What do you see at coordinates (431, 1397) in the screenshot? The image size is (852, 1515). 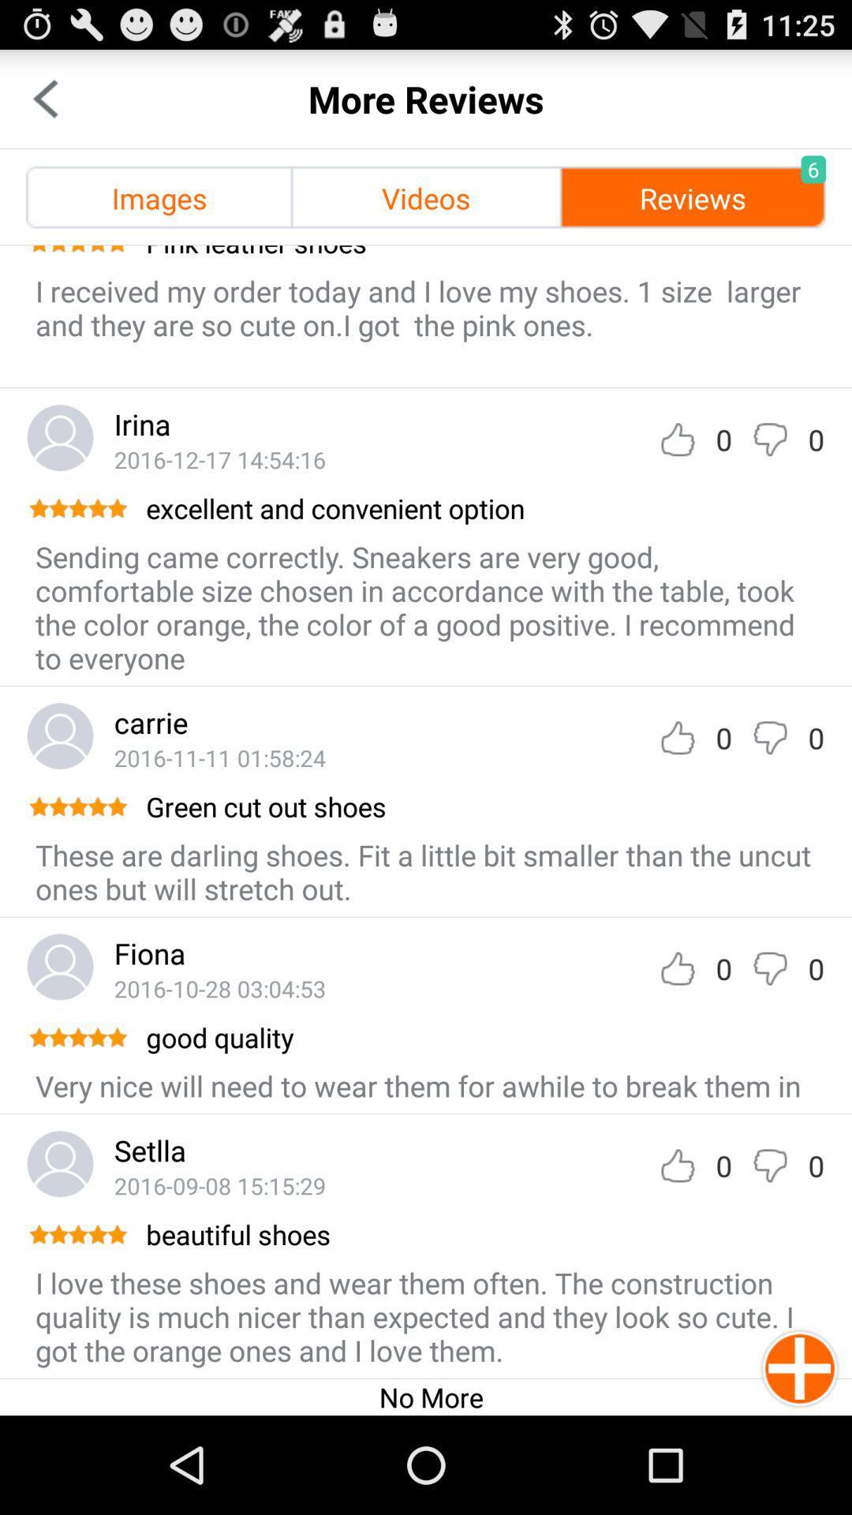 I see `no more` at bounding box center [431, 1397].